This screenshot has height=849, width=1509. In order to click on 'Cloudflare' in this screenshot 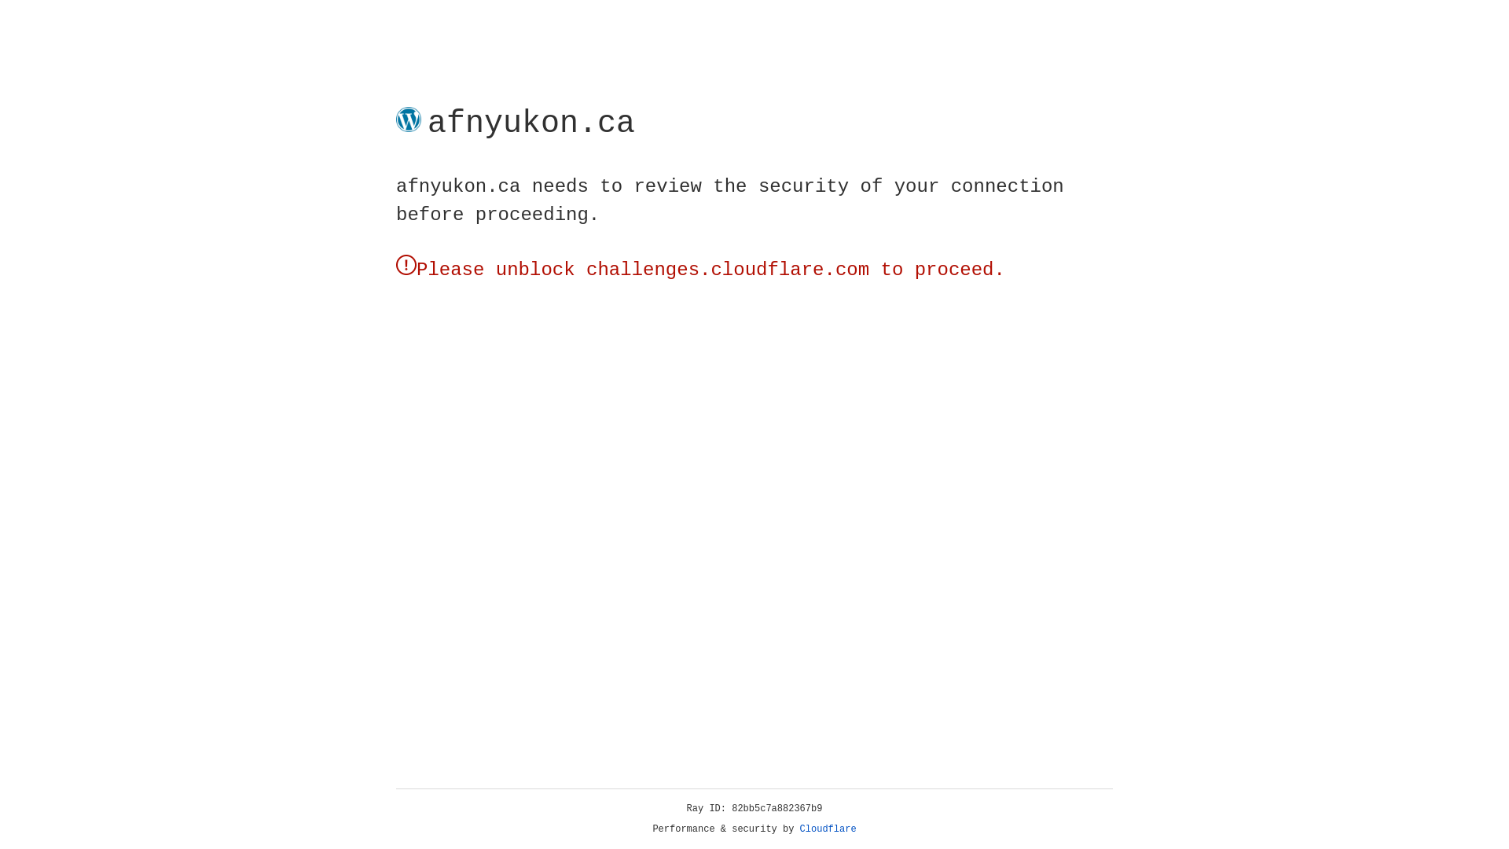, I will do `click(828, 829)`.